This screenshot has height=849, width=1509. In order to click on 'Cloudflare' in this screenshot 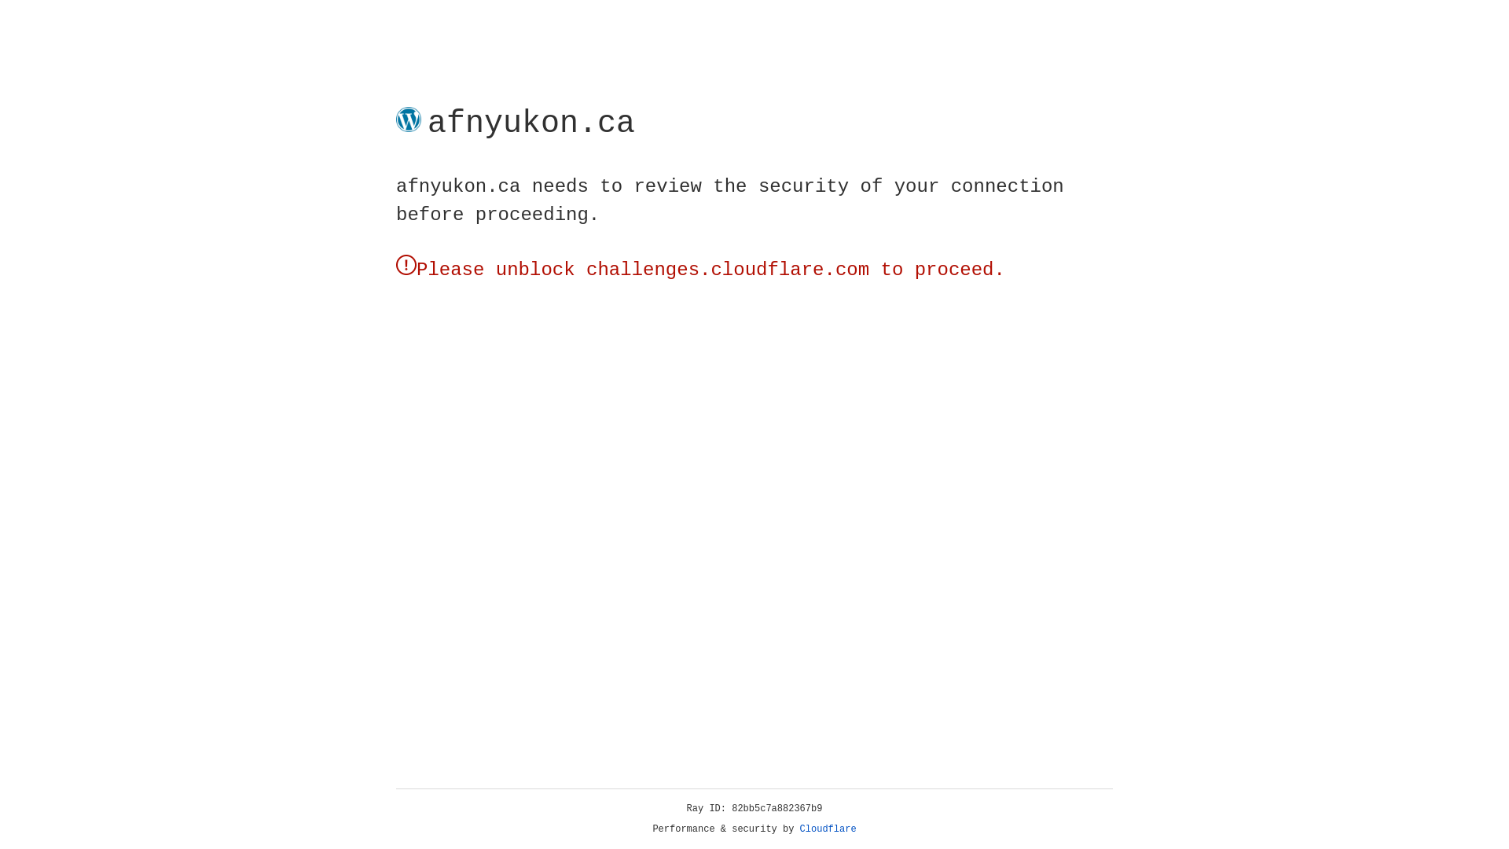, I will do `click(828, 829)`.